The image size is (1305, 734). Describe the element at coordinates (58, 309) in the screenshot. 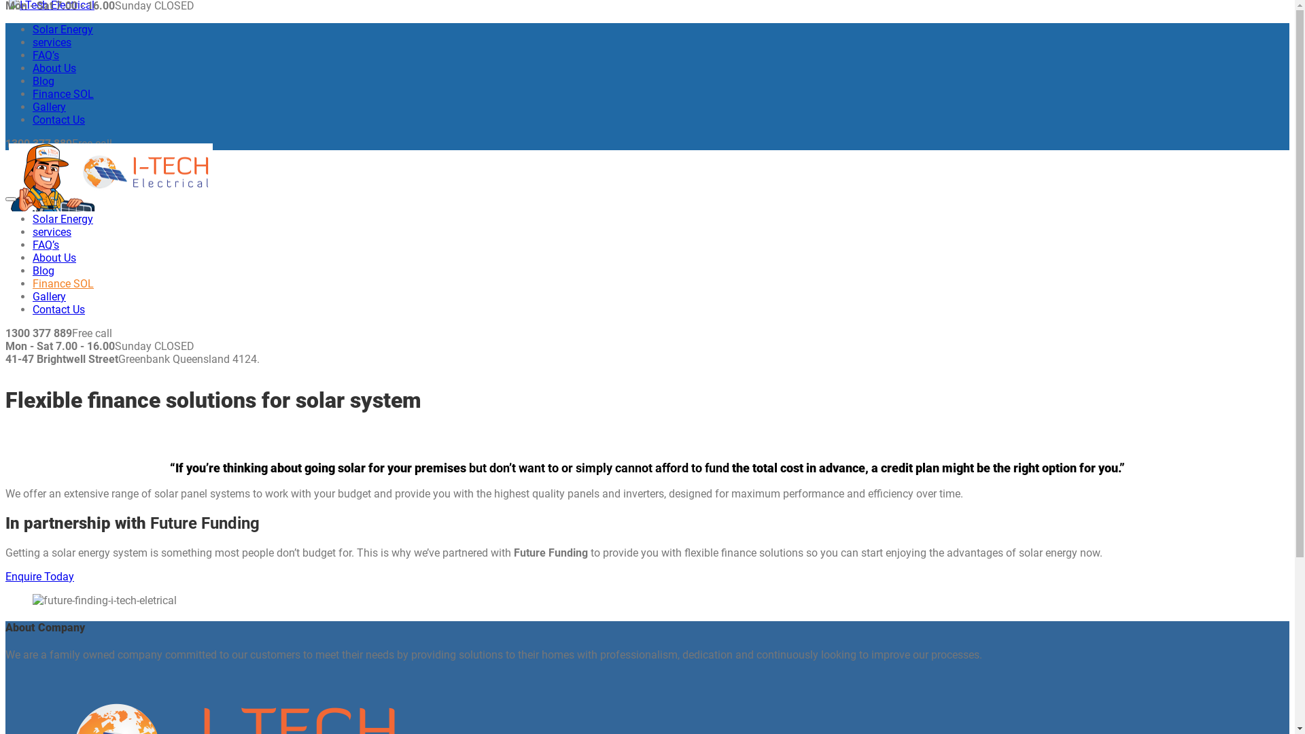

I see `'Contact Us'` at that location.